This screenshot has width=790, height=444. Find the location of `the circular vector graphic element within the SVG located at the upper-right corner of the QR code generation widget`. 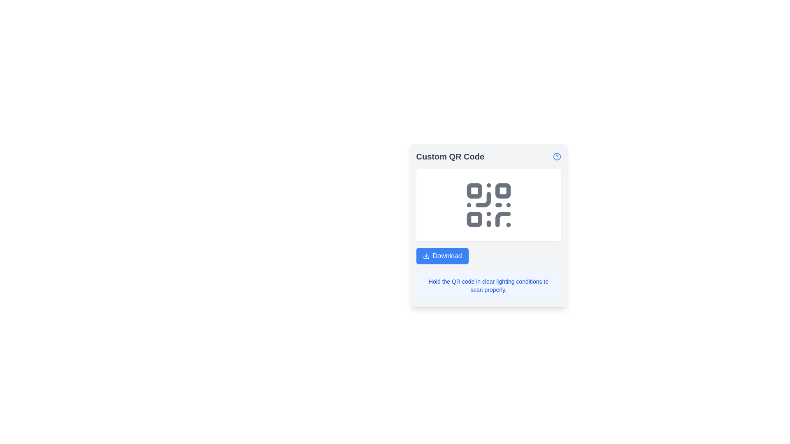

the circular vector graphic element within the SVG located at the upper-right corner of the QR code generation widget is located at coordinates (557, 157).